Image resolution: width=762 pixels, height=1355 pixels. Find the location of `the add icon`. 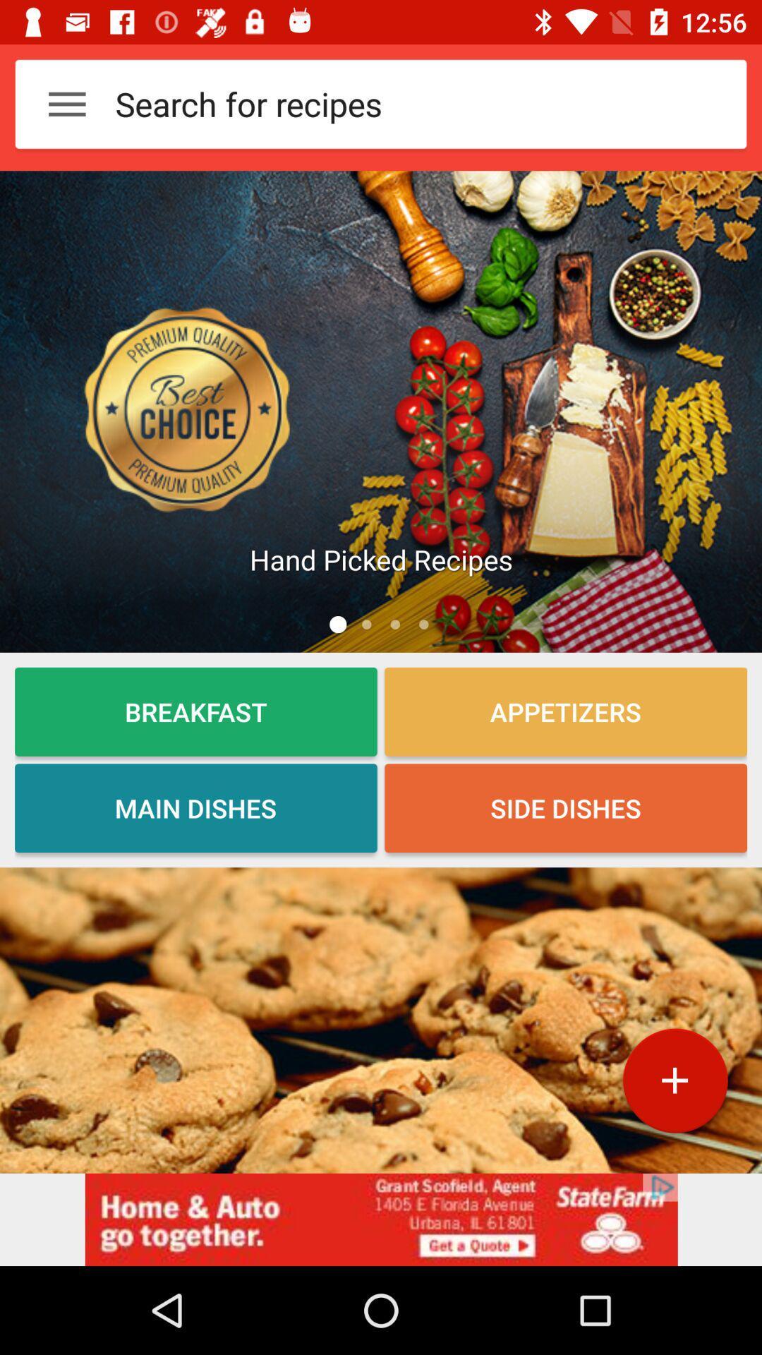

the add icon is located at coordinates (674, 1085).